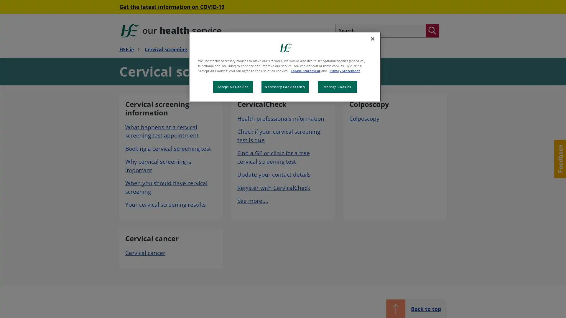  I want to click on Accept All Cookies, so click(232, 87).